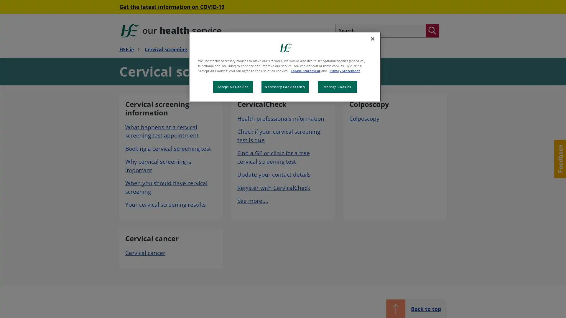  I want to click on Accept All Cookies, so click(232, 87).